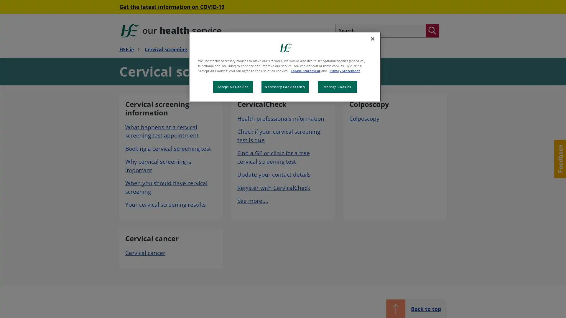  I want to click on Accept All Cookies, so click(232, 87).